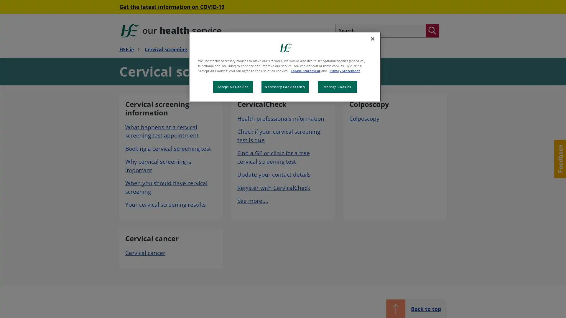  I want to click on Accept All Cookies, so click(232, 87).